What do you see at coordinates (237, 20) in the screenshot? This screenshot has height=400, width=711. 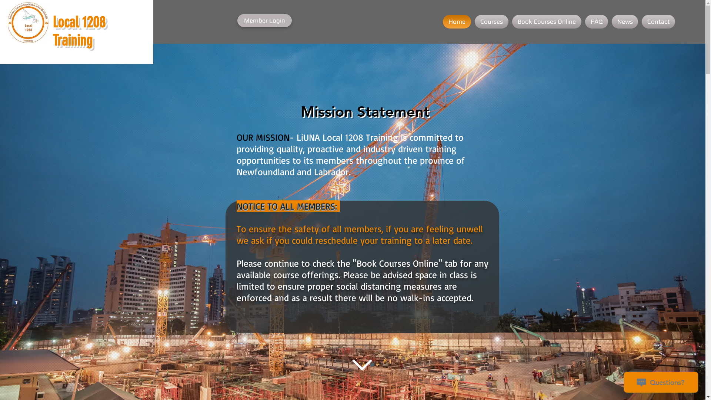 I see `'Member Login'` at bounding box center [237, 20].